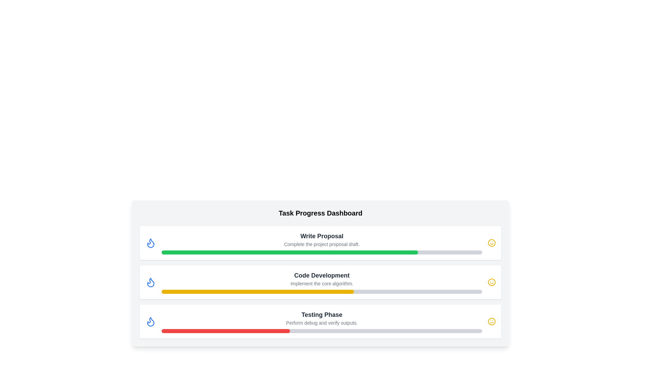 Image resolution: width=652 pixels, height=366 pixels. I want to click on the 'Write Proposal' task item with progress indicator located in the Task Progress Dashboard, so click(322, 243).